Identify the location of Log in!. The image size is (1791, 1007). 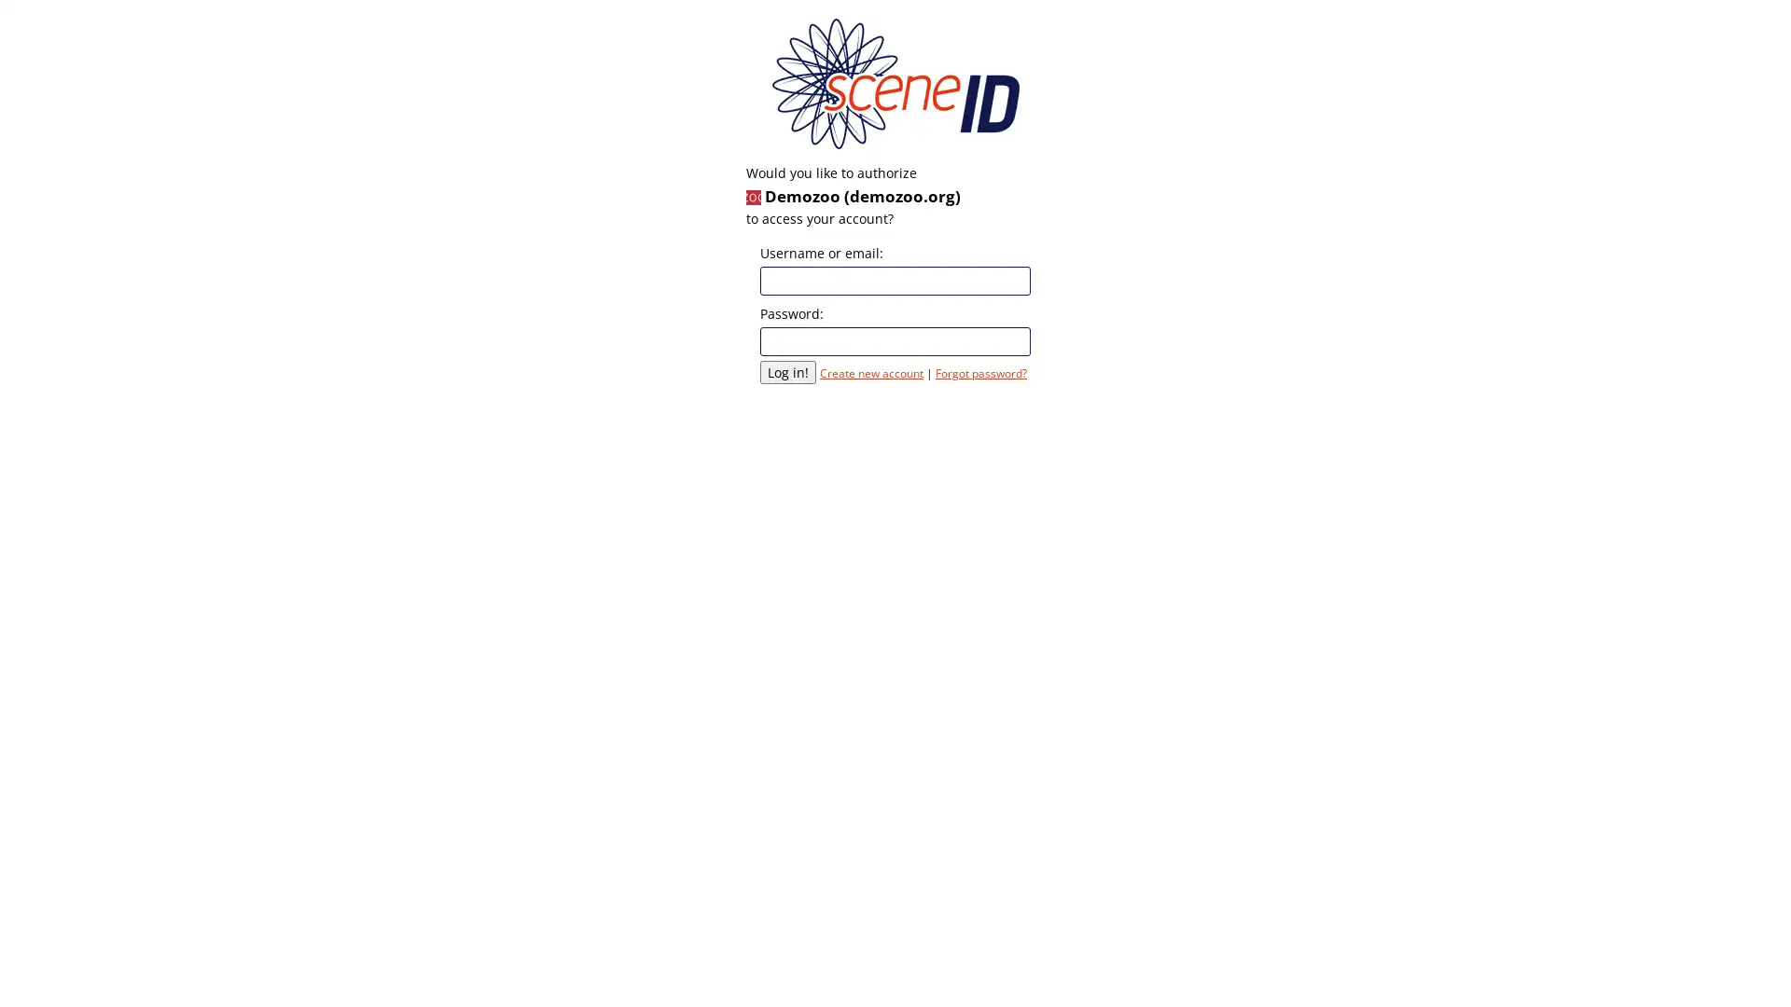
(787, 371).